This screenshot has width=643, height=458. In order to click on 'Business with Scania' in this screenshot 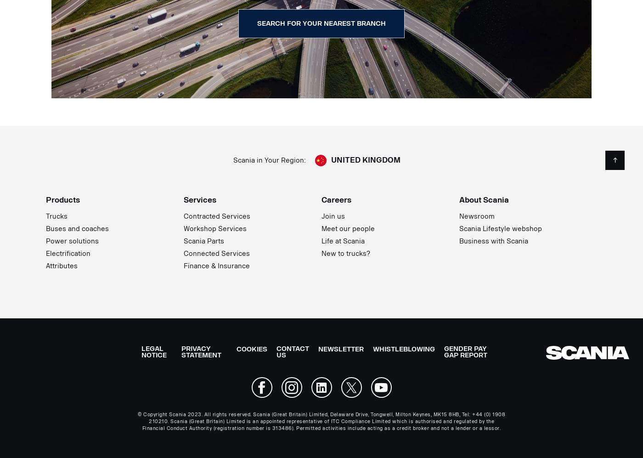, I will do `click(494, 241)`.